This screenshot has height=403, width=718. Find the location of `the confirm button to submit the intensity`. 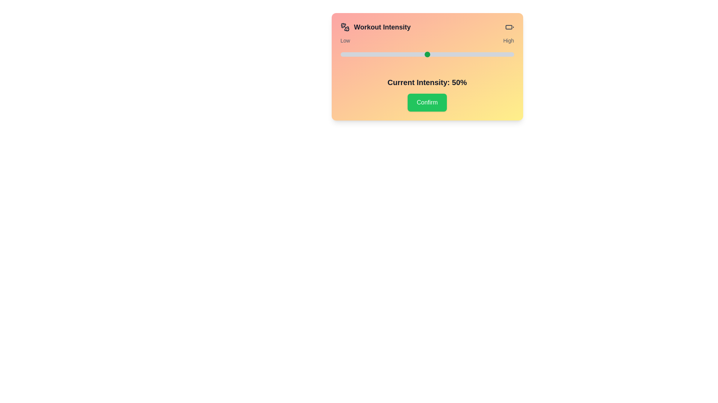

the confirm button to submit the intensity is located at coordinates (427, 102).